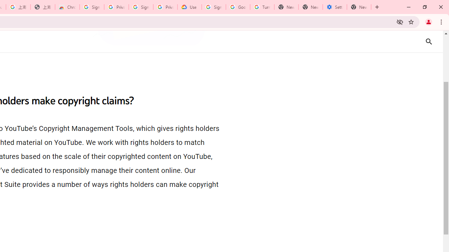  What do you see at coordinates (334, 7) in the screenshot?
I see `'Settings - System'` at bounding box center [334, 7].